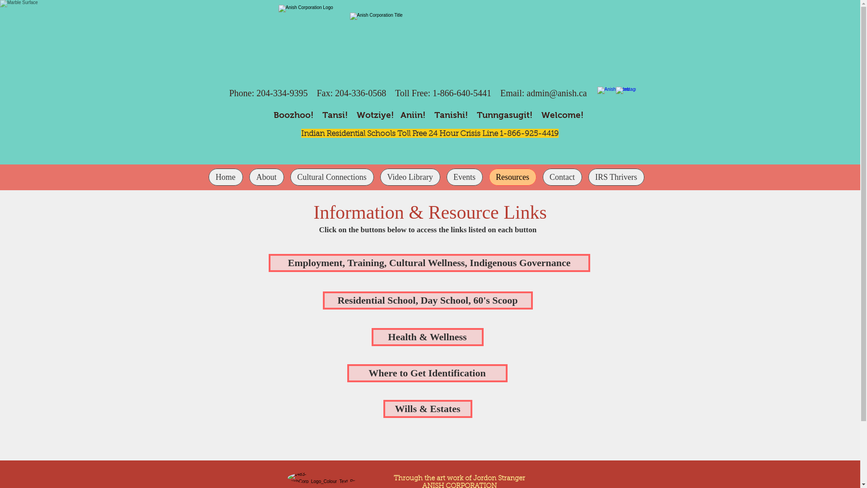  Describe the element at coordinates (410, 177) in the screenshot. I see `'Video Library'` at that location.